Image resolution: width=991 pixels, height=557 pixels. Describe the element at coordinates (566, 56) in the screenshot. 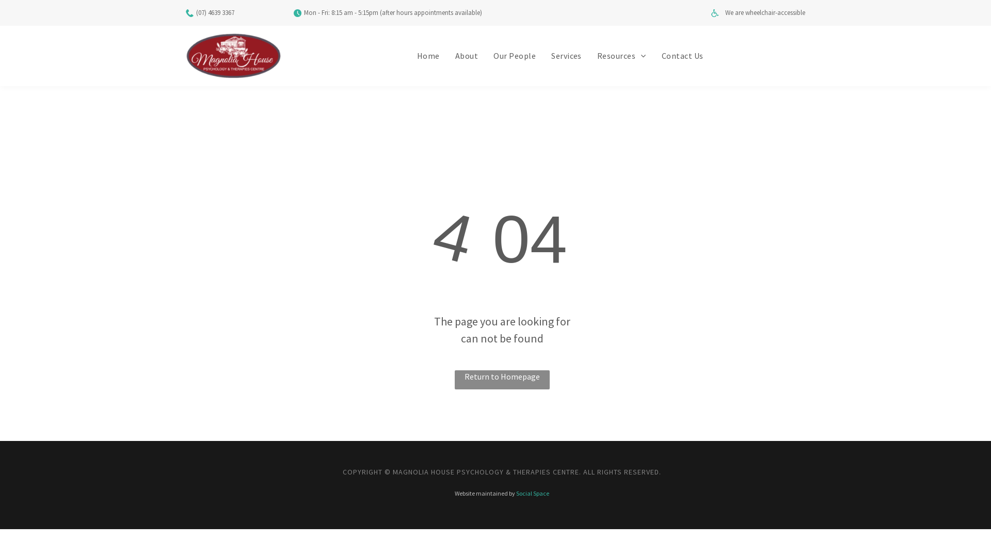

I see `'Services'` at that location.